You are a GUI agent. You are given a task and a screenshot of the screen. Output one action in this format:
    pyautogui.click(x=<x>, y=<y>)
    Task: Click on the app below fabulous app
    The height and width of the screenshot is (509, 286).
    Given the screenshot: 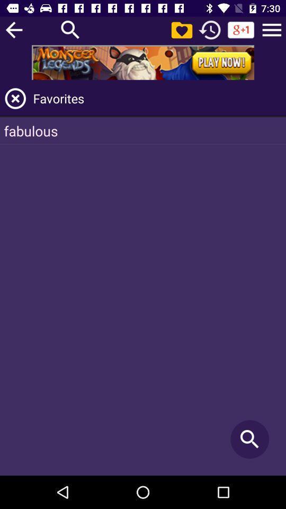 What is the action you would take?
    pyautogui.click(x=249, y=439)
    